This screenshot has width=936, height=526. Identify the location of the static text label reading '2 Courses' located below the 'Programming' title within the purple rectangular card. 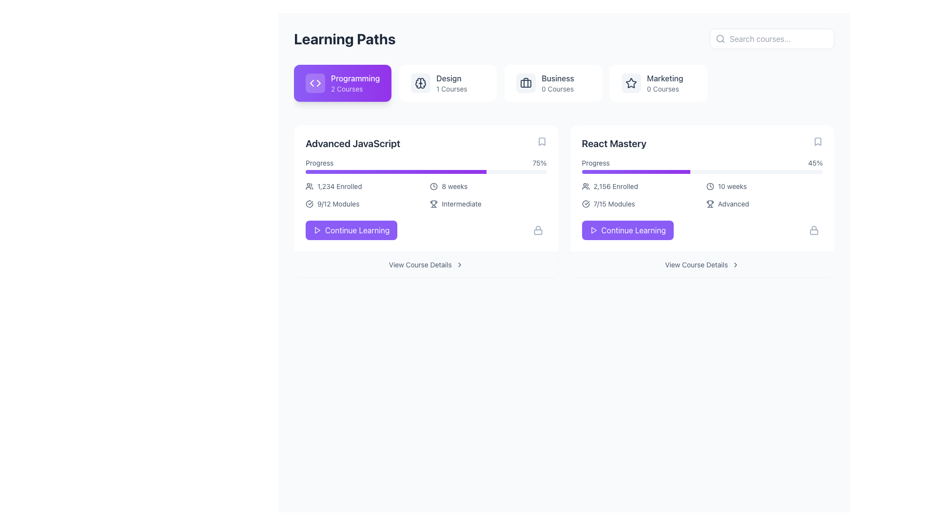
(355, 89).